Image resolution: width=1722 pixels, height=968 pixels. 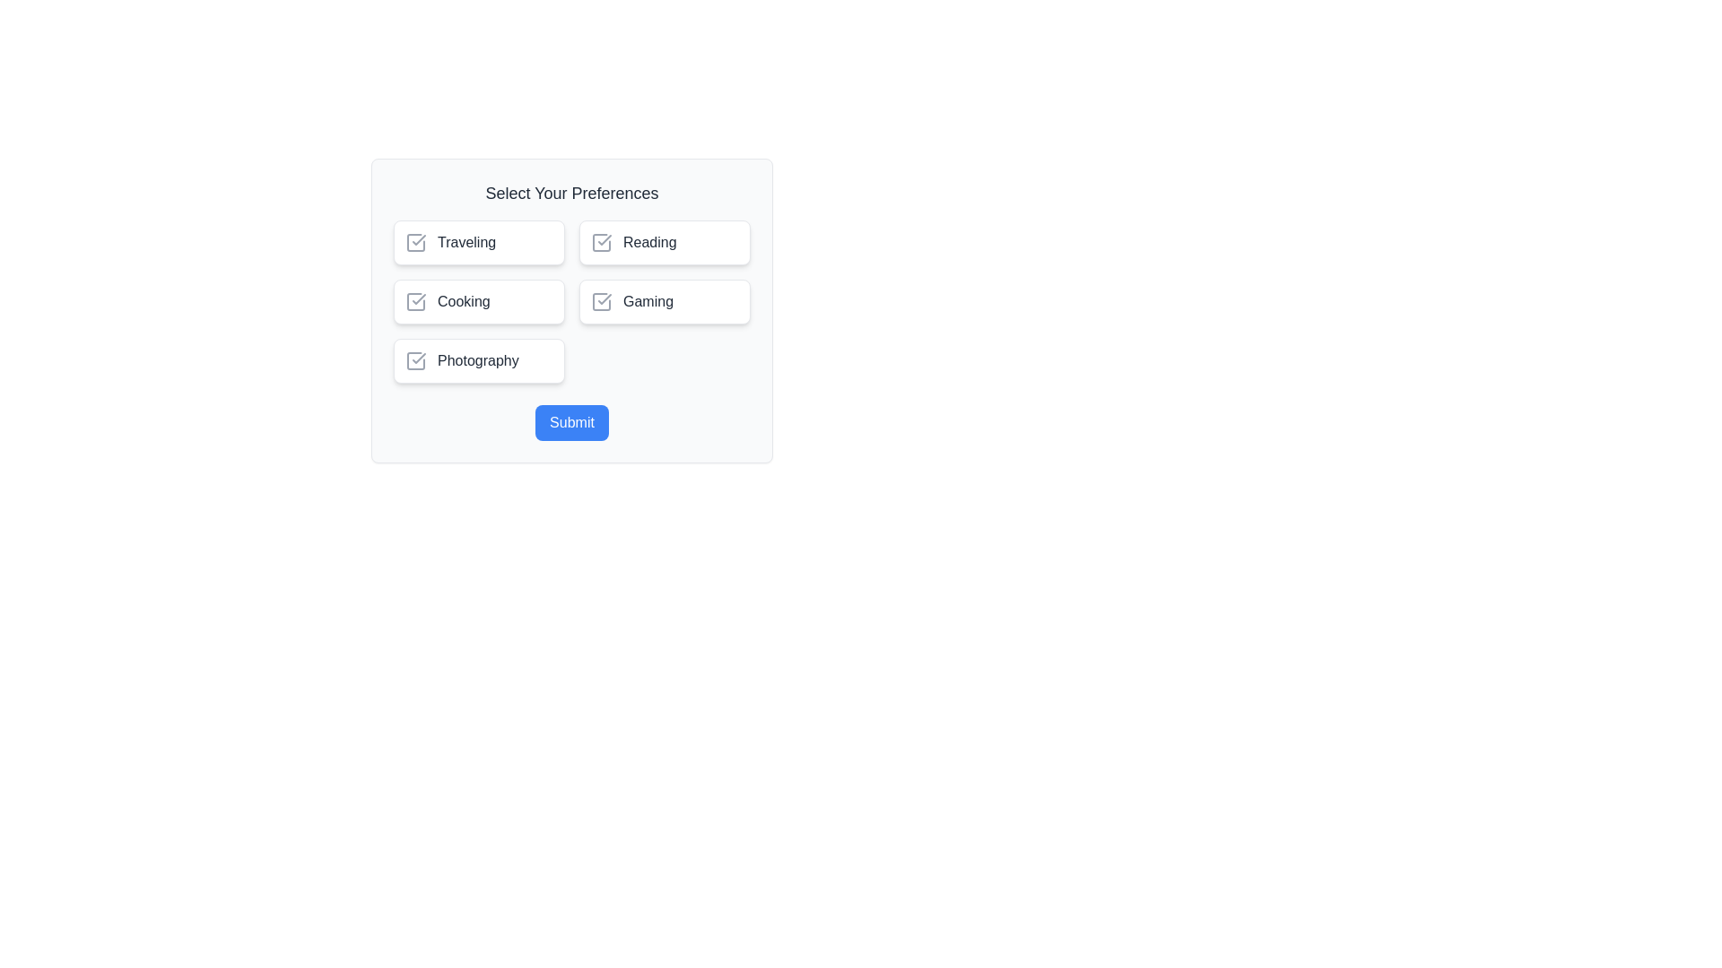 I want to click on the checkmark icon within the preferences list, which is located to the left of the 'Photography' label, so click(x=418, y=359).